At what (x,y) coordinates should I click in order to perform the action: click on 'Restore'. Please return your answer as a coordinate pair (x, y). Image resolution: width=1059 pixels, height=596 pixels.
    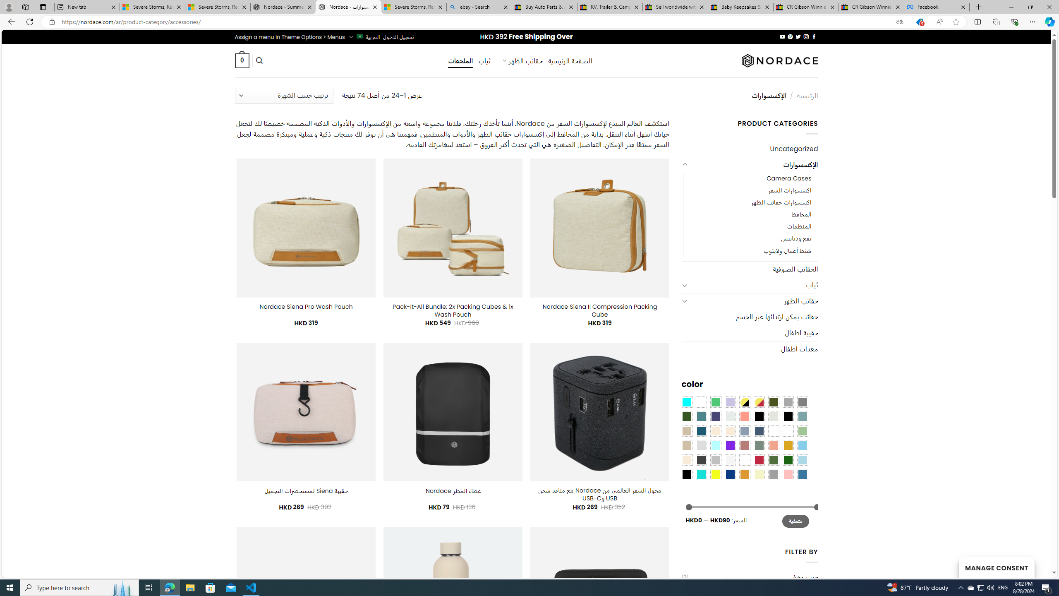
    Looking at the image, I should click on (1030, 7).